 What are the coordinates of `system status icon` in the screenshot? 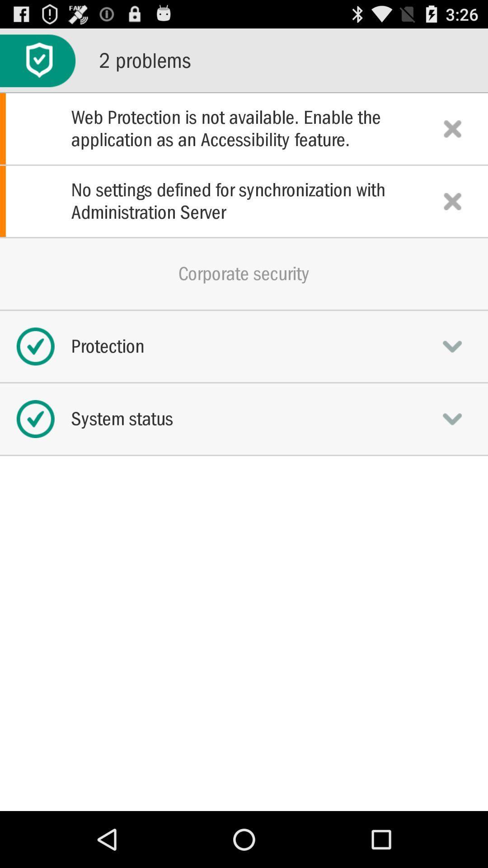 It's located at (244, 418).